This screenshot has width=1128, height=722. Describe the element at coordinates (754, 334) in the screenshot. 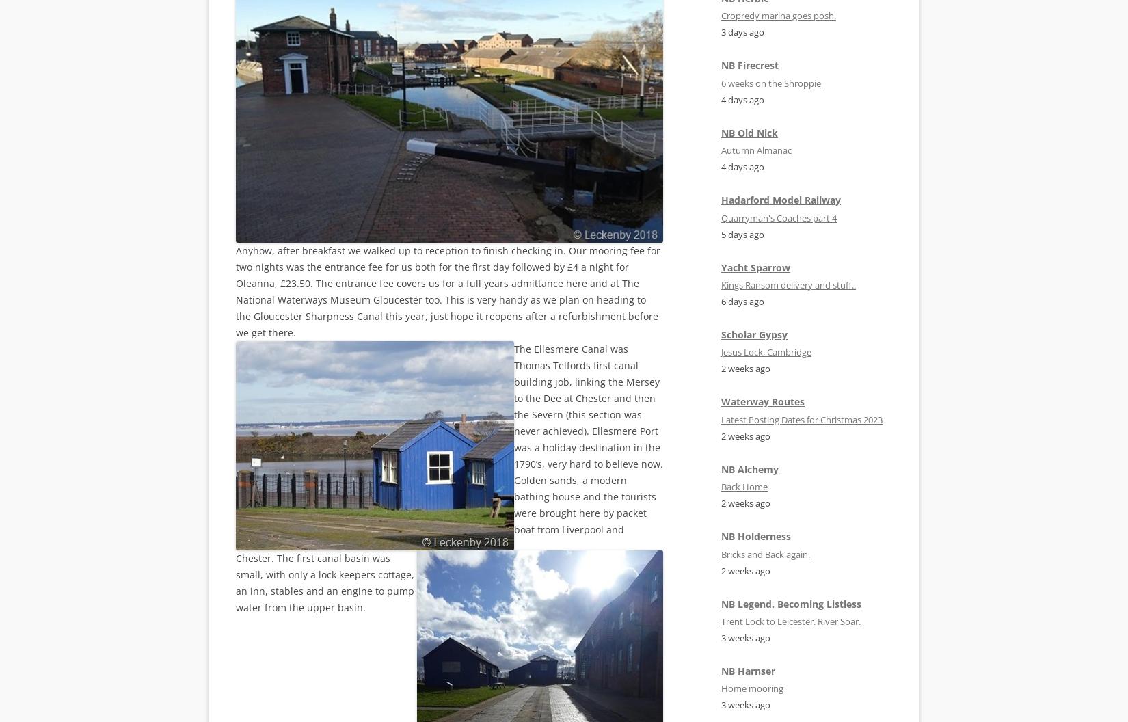

I see `'Scholar Gypsy'` at that location.